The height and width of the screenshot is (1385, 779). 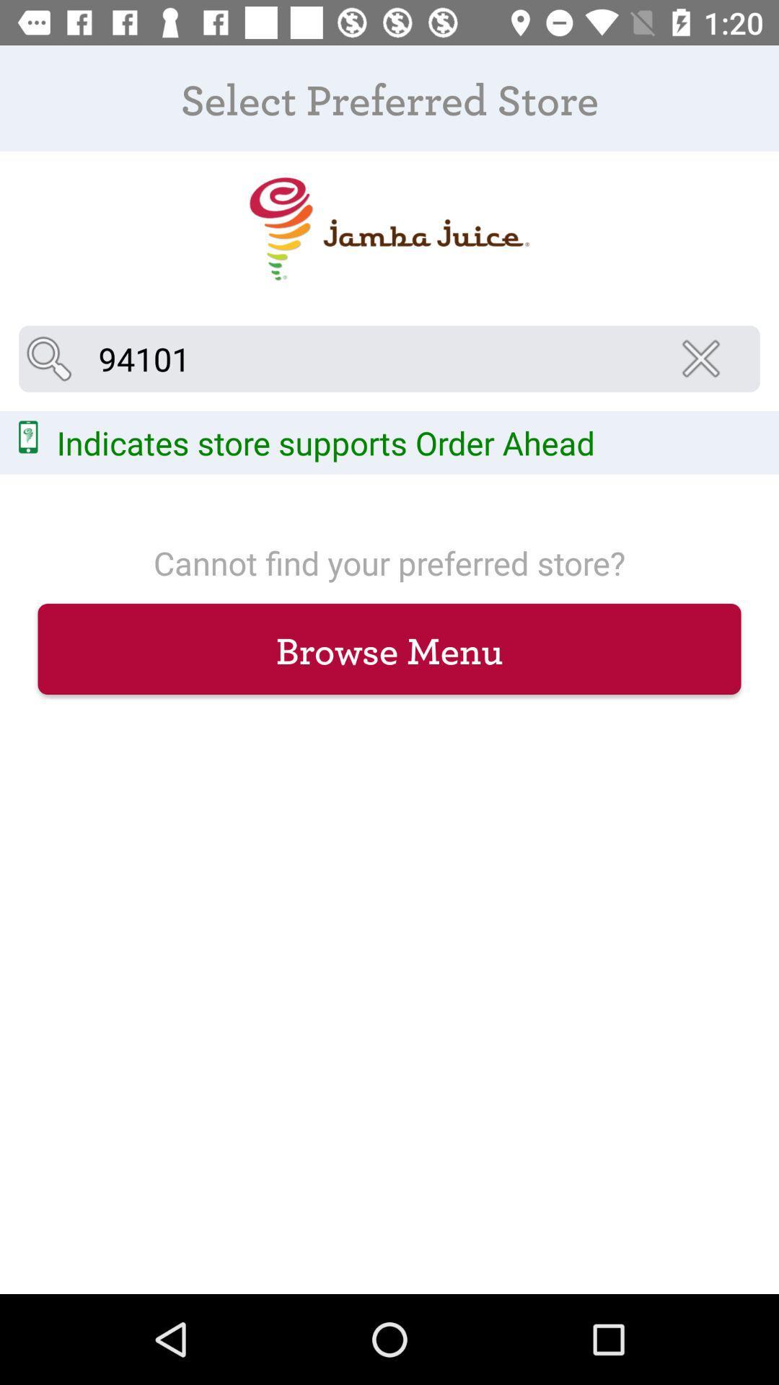 What do you see at coordinates (705, 359) in the screenshot?
I see `the icon below the select preferred store` at bounding box center [705, 359].